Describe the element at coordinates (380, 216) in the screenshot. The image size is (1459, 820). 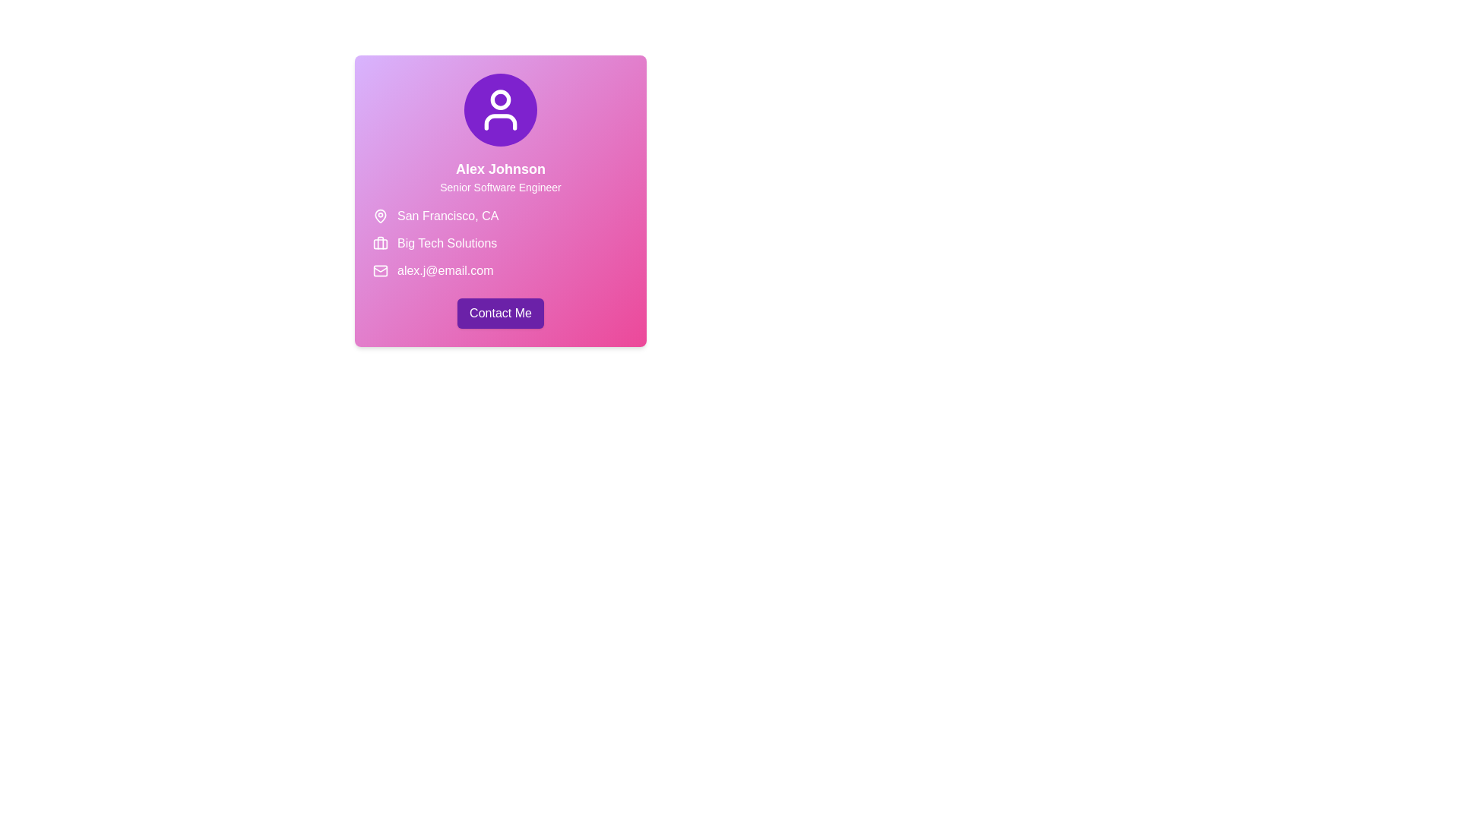
I see `the SVG map pin icon located to the left of the text 'San Francisco, CA' in the top left corner of the interface` at that location.